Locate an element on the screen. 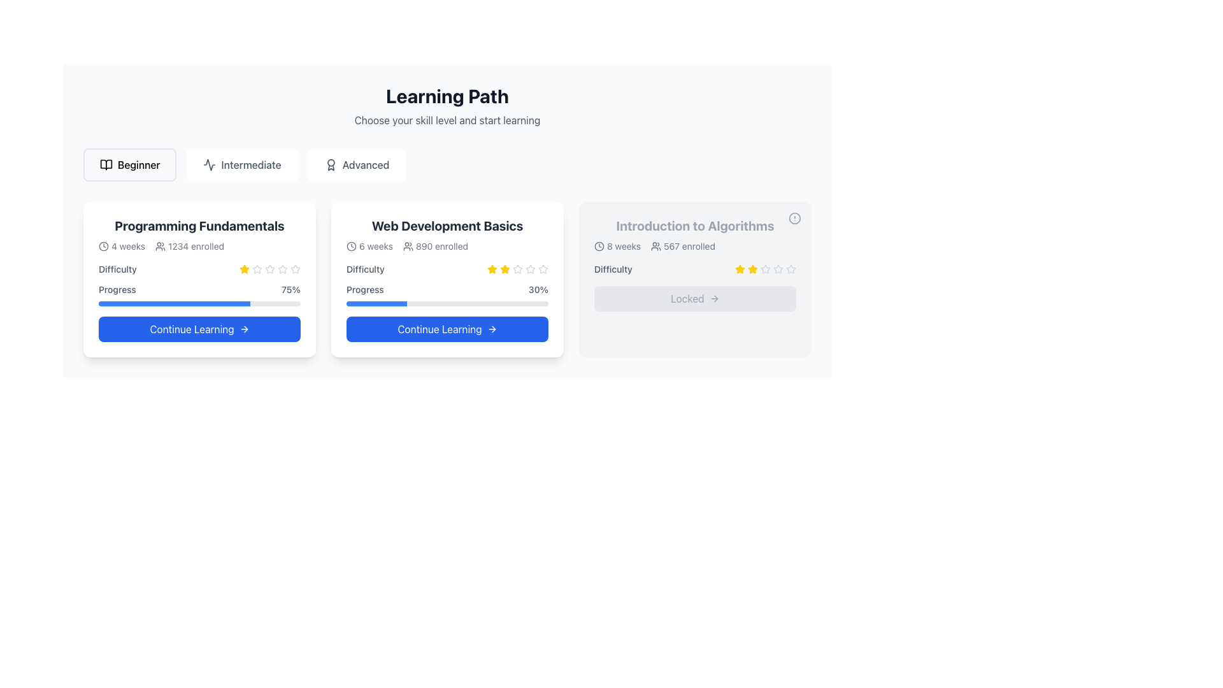 This screenshot has height=688, width=1223. the third rating star for the course 'Introduction to Algorithms', which represents the selection state for rating the course is located at coordinates (790, 268).